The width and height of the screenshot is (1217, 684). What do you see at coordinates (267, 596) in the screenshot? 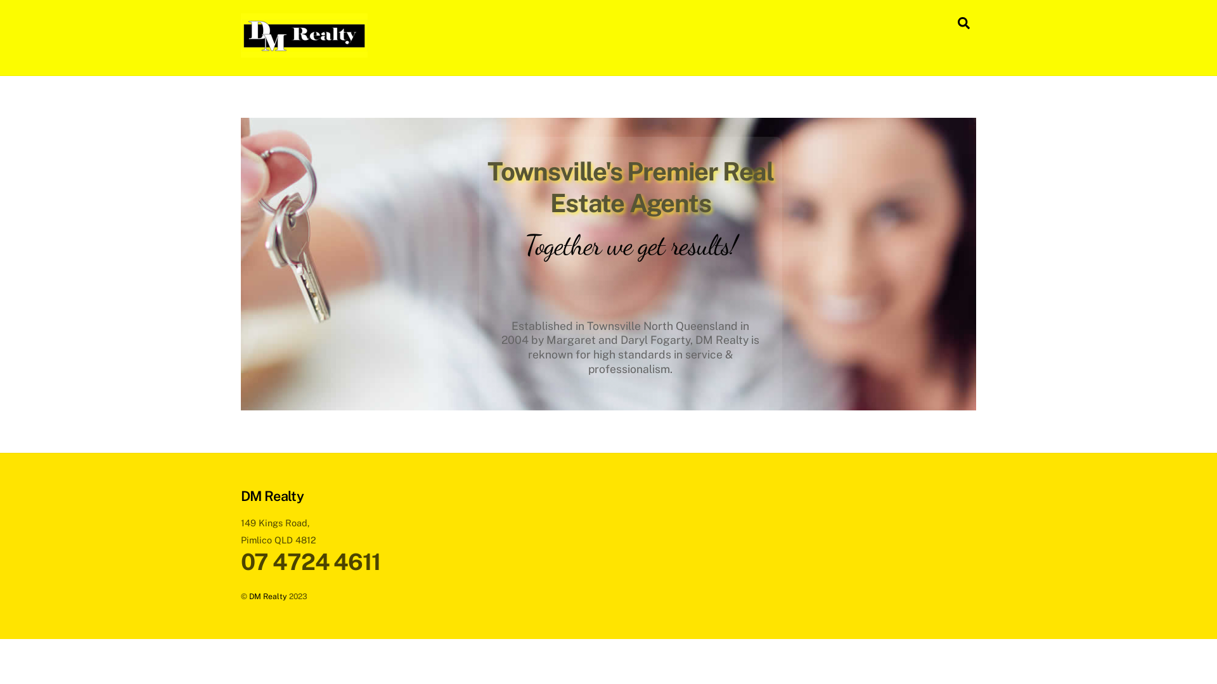
I see `'DM Realty'` at bounding box center [267, 596].